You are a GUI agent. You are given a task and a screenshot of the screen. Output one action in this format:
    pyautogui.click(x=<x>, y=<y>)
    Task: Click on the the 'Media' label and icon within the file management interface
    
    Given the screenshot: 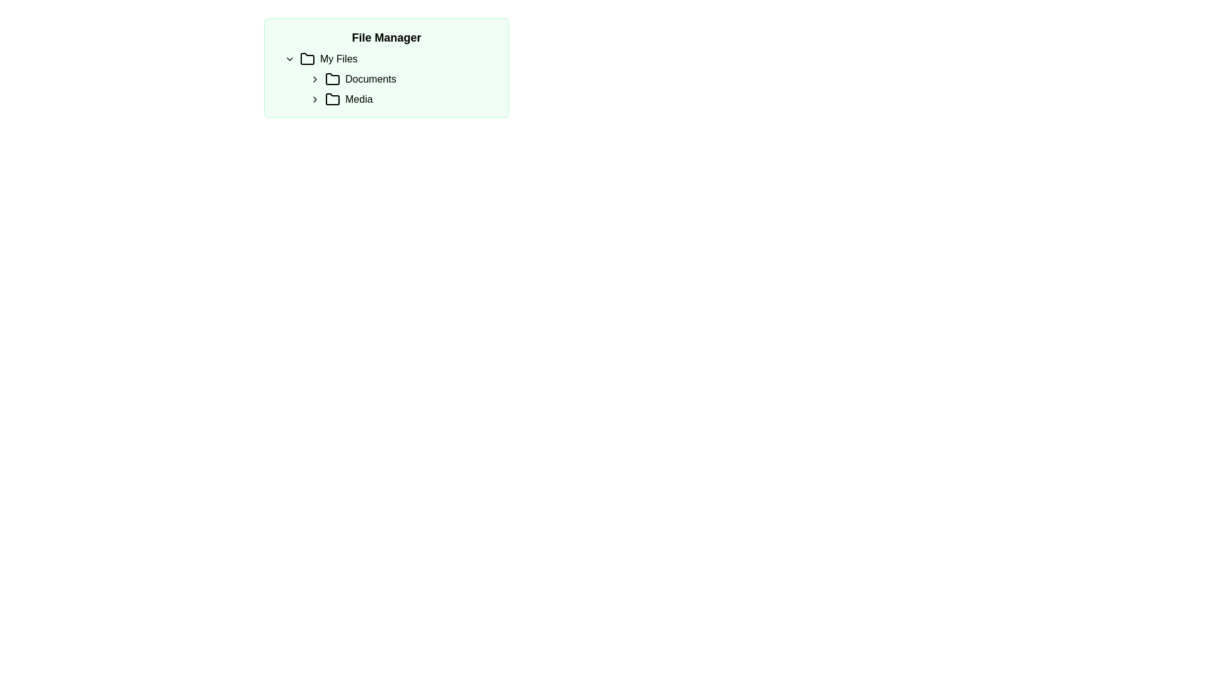 What is the action you would take?
    pyautogui.click(x=349, y=99)
    